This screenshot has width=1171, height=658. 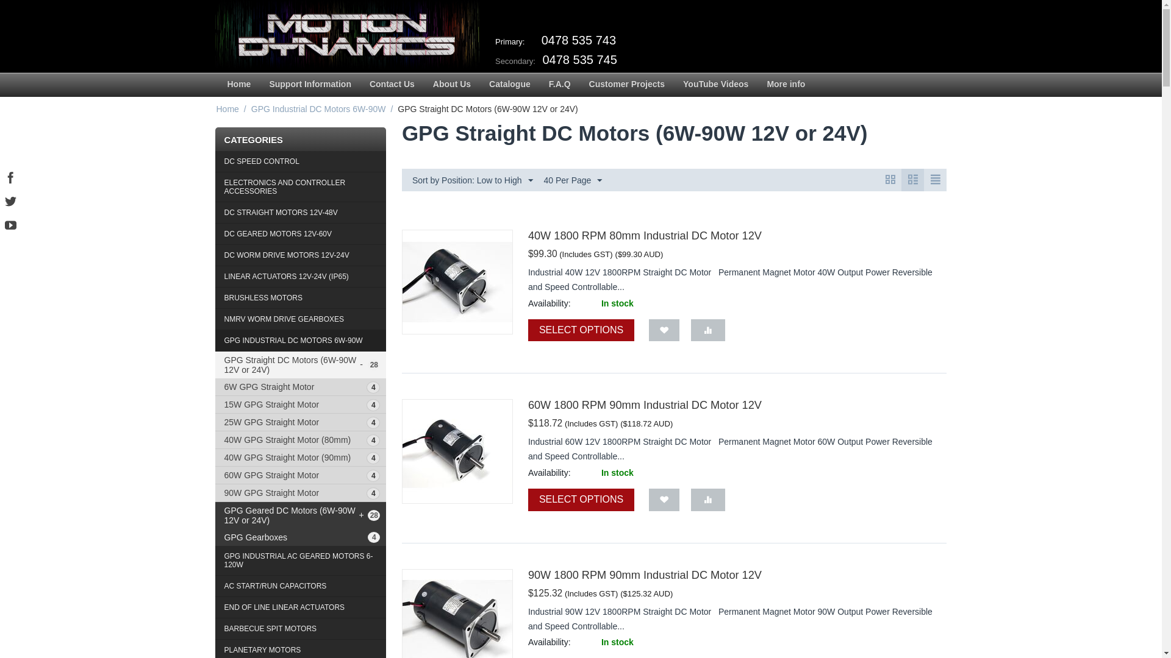 I want to click on 'Catalogue', so click(x=509, y=84).